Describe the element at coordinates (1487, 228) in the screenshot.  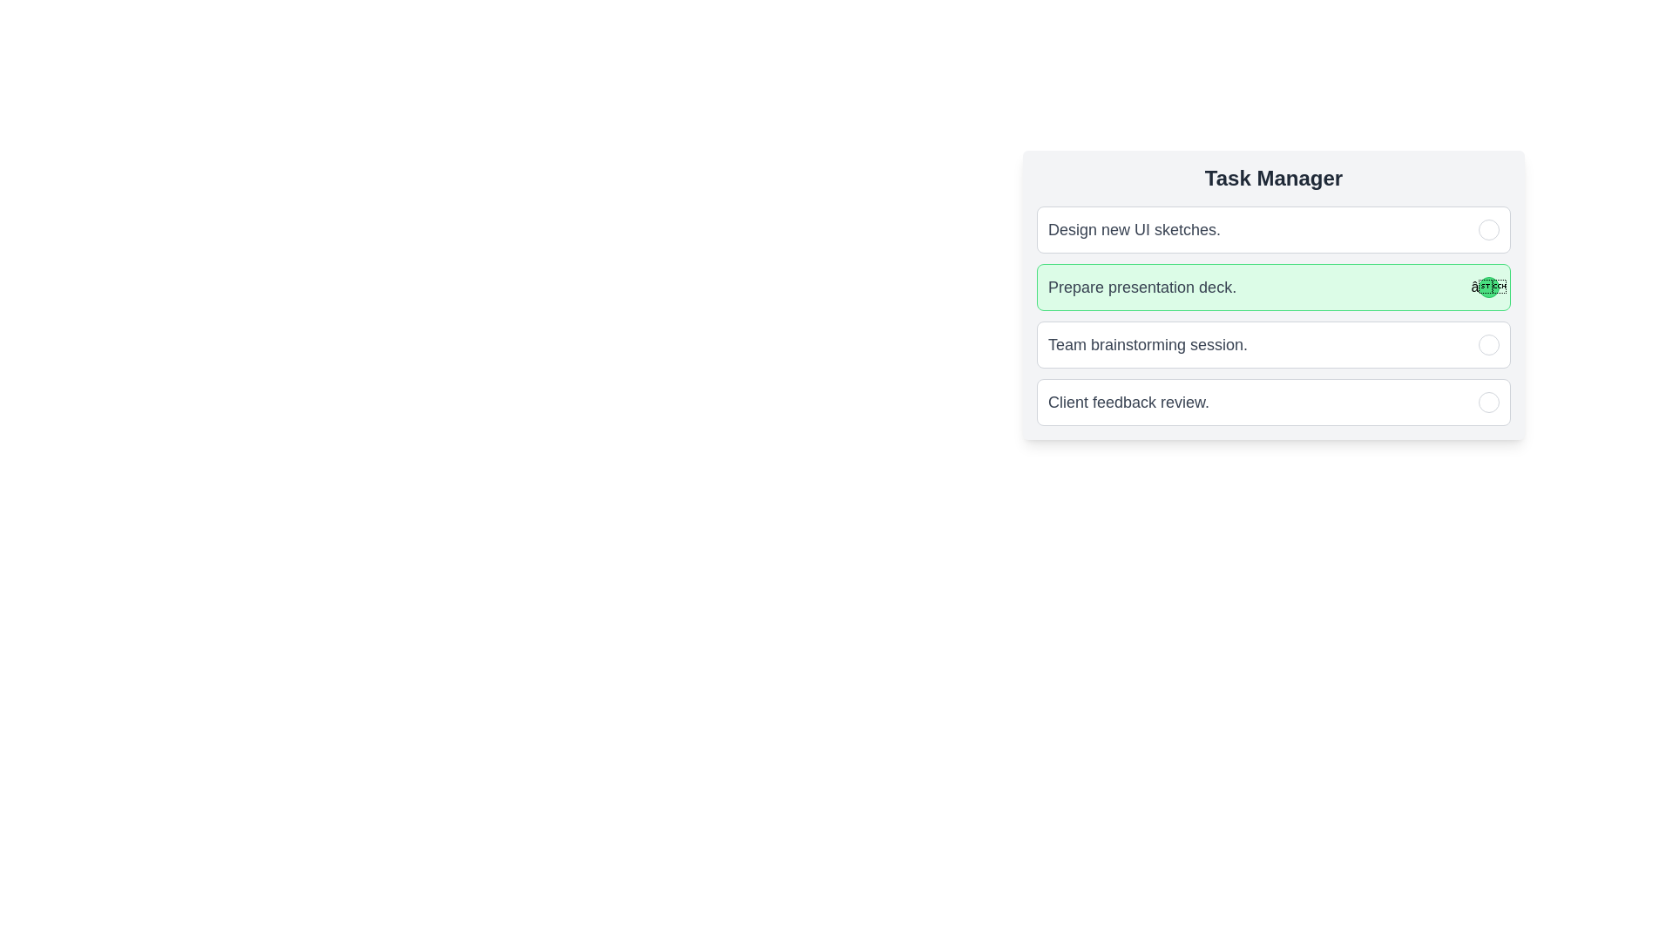
I see `the checkbox or marker circle located at the far right of the row containing the text 'Design new UI sketches'` at that location.